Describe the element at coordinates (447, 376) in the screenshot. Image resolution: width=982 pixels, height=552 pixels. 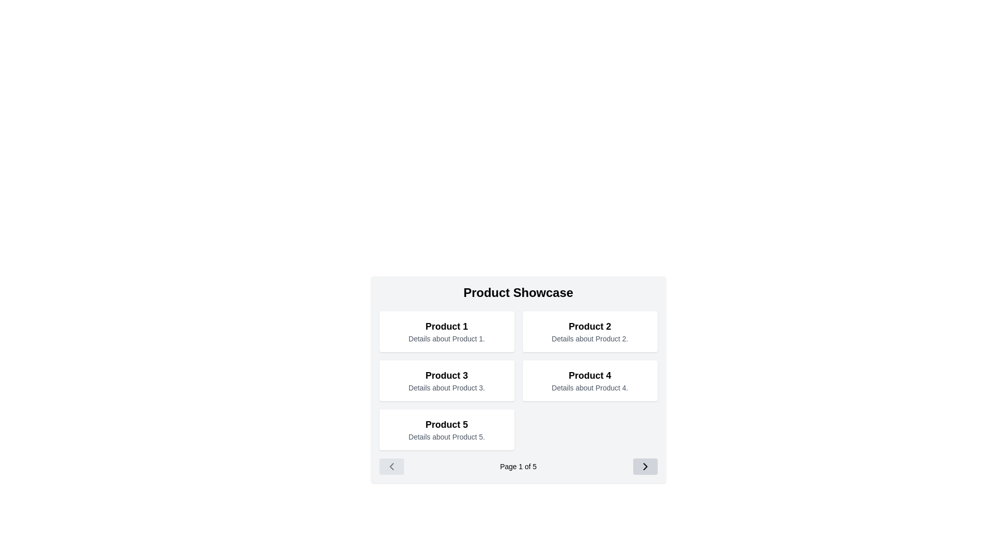
I see `text content of the label displaying 'Product 3', which is a prominent heading in bold black font against a white background, located in the middle of the second row of the product grid` at that location.